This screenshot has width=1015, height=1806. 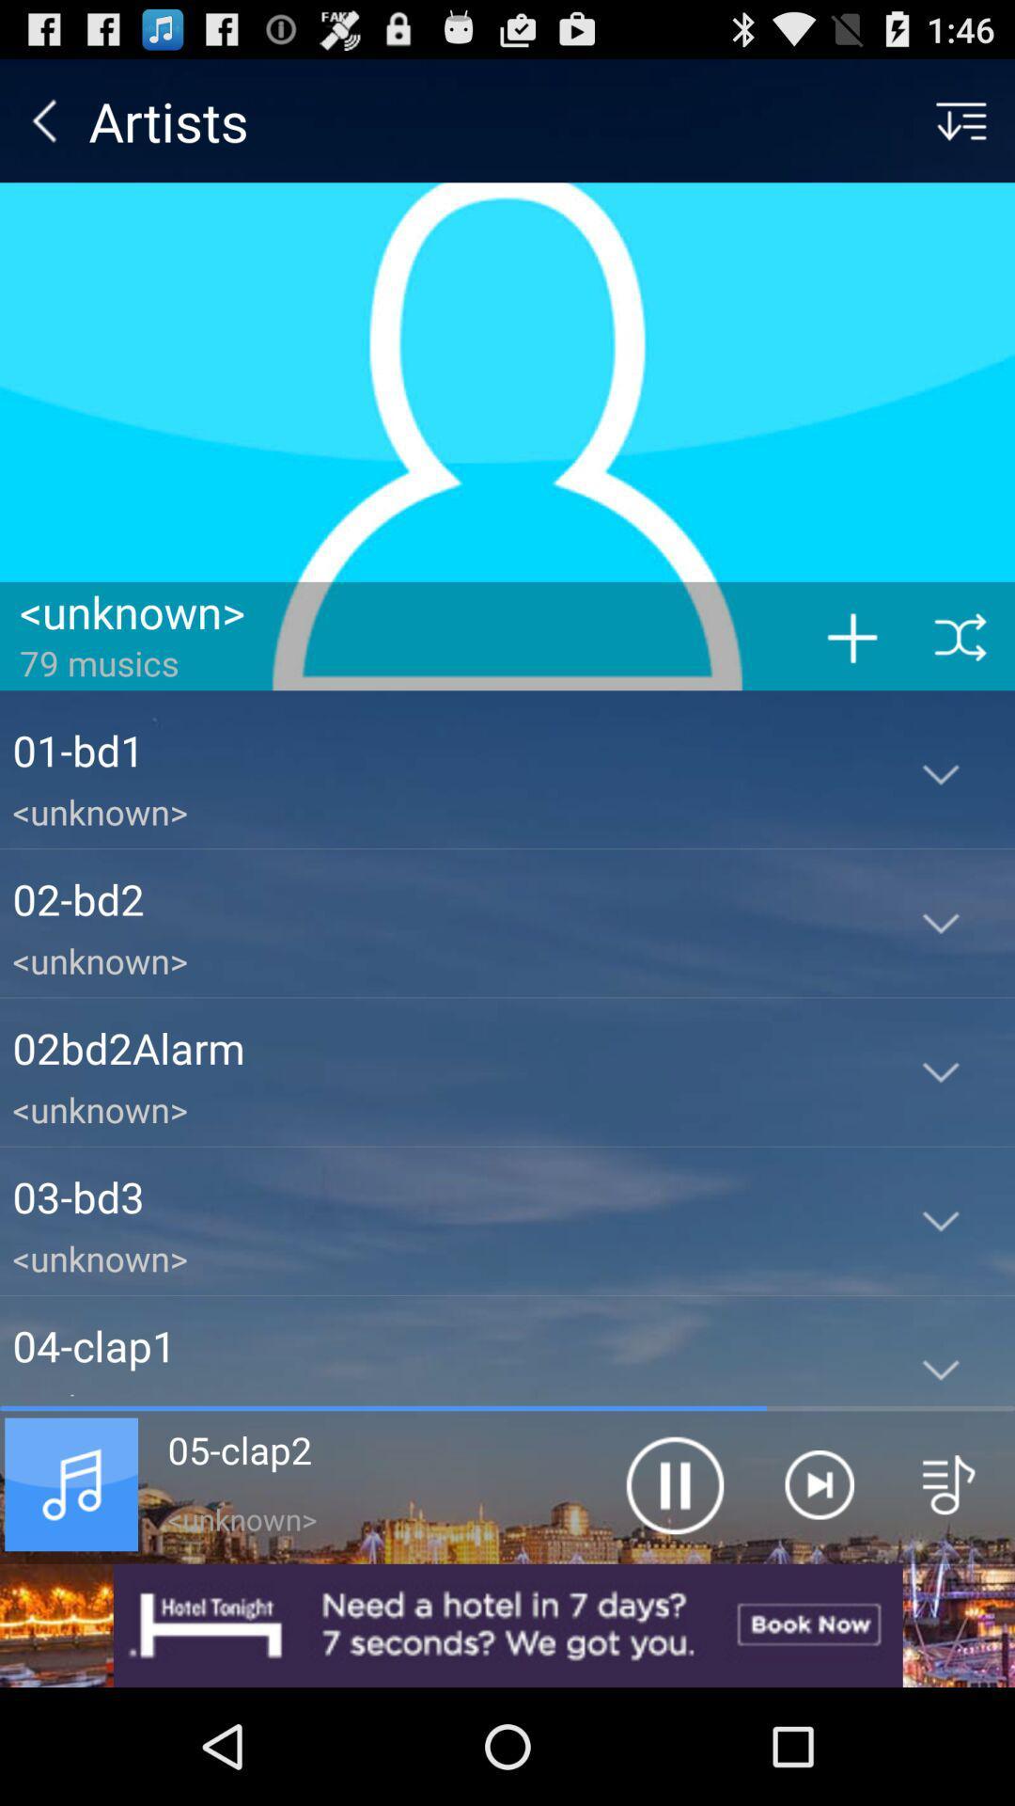 I want to click on the item above <unknown> item, so click(x=439, y=897).